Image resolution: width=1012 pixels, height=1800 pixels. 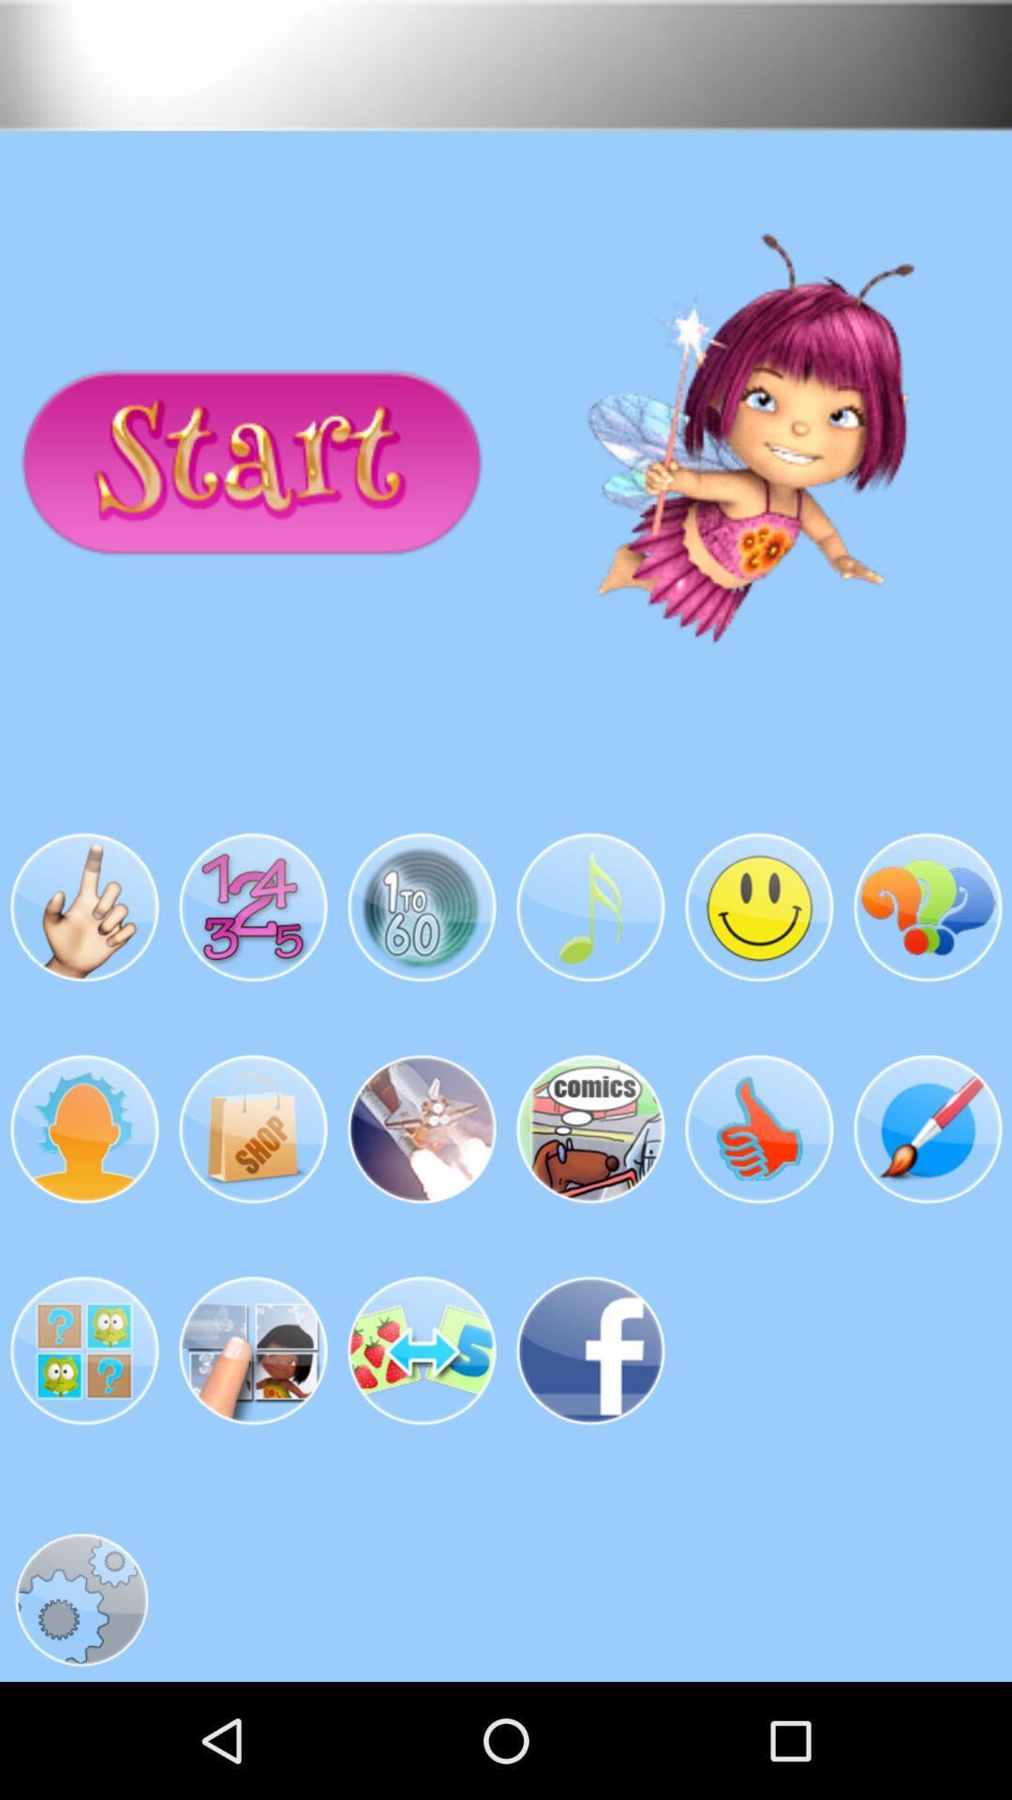 What do you see at coordinates (82, 1208) in the screenshot?
I see `the avatar icon` at bounding box center [82, 1208].